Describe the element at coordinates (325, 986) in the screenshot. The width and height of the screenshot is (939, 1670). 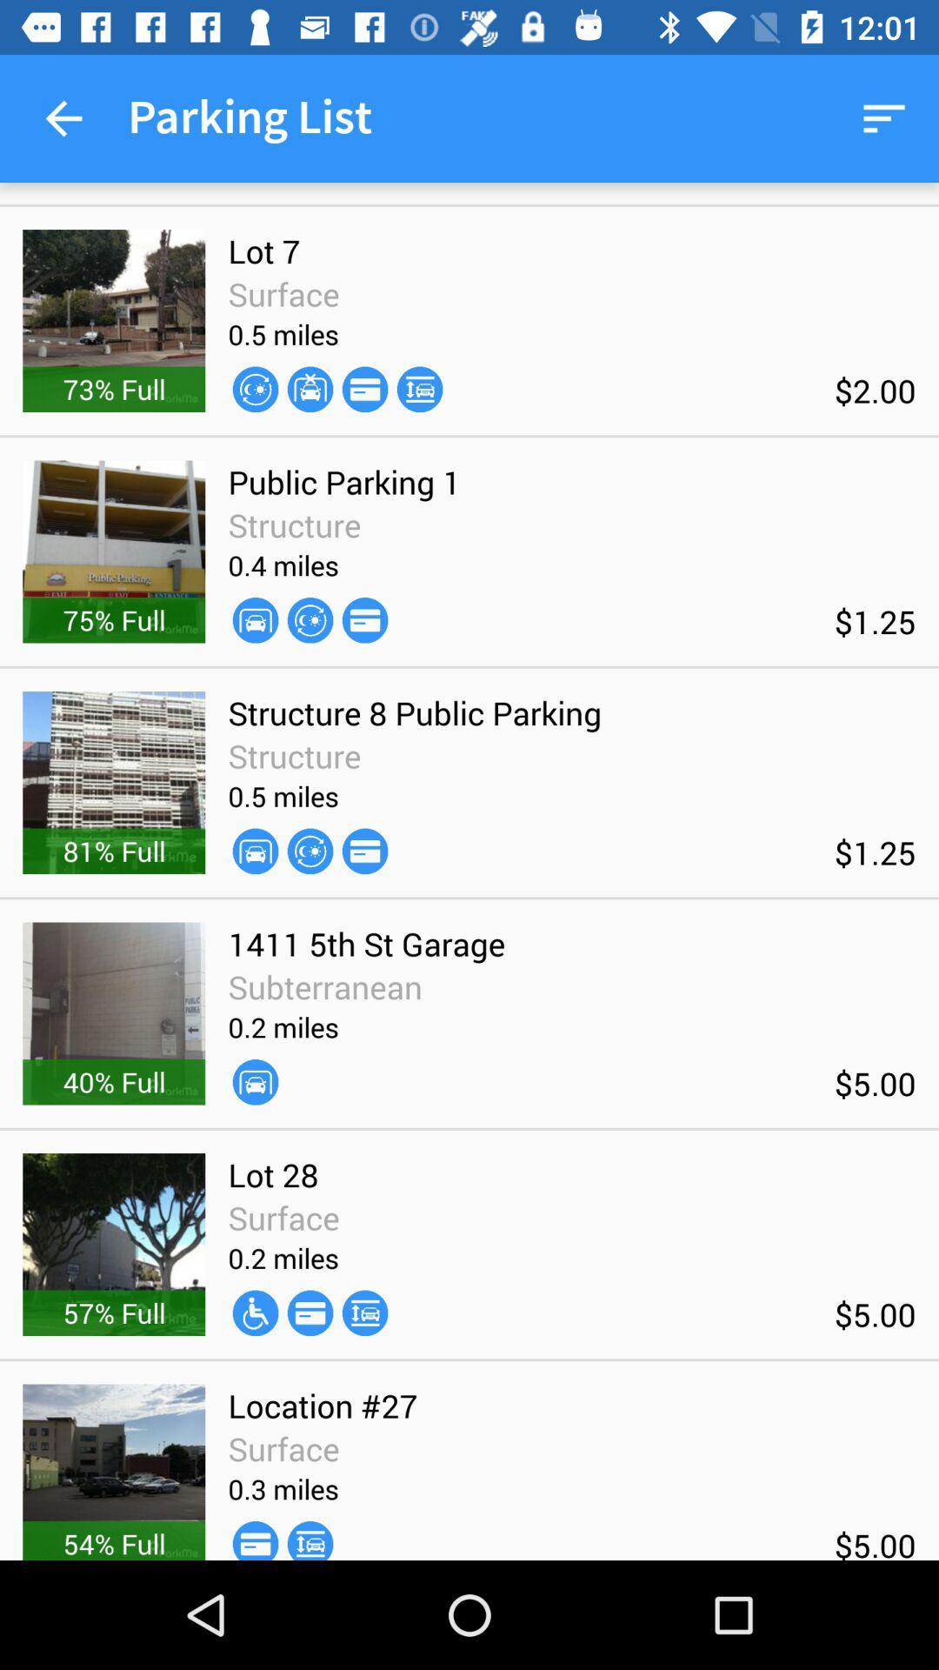
I see `icon above 0.2 miles` at that location.